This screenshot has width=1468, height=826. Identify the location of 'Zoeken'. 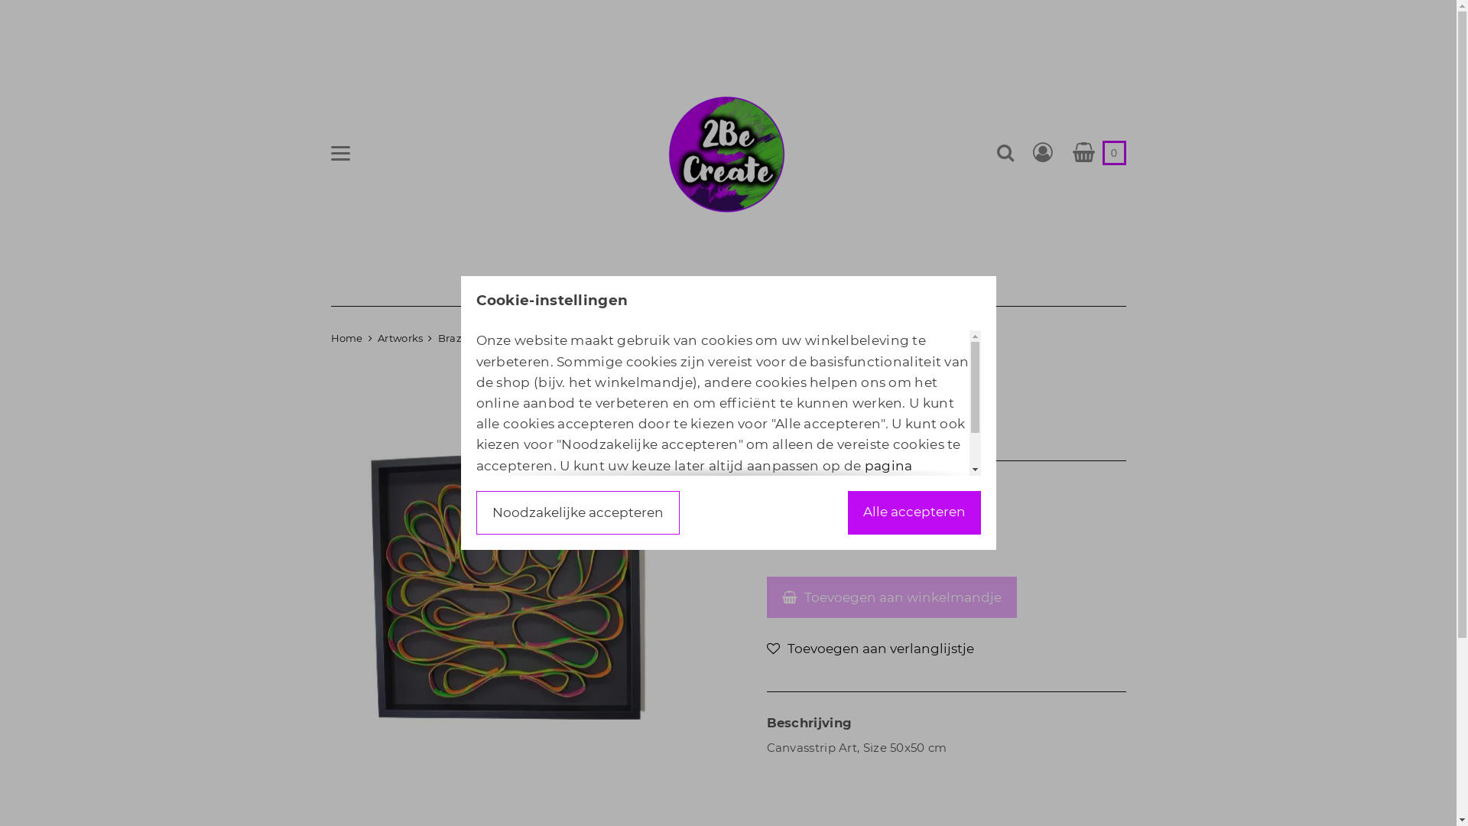
(1005, 152).